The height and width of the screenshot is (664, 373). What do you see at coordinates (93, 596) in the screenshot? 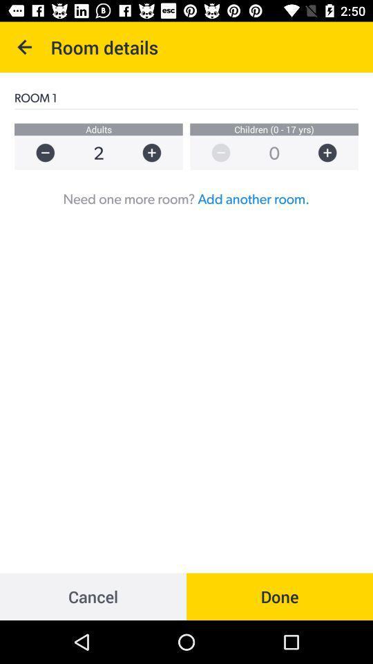
I see `cancel item` at bounding box center [93, 596].